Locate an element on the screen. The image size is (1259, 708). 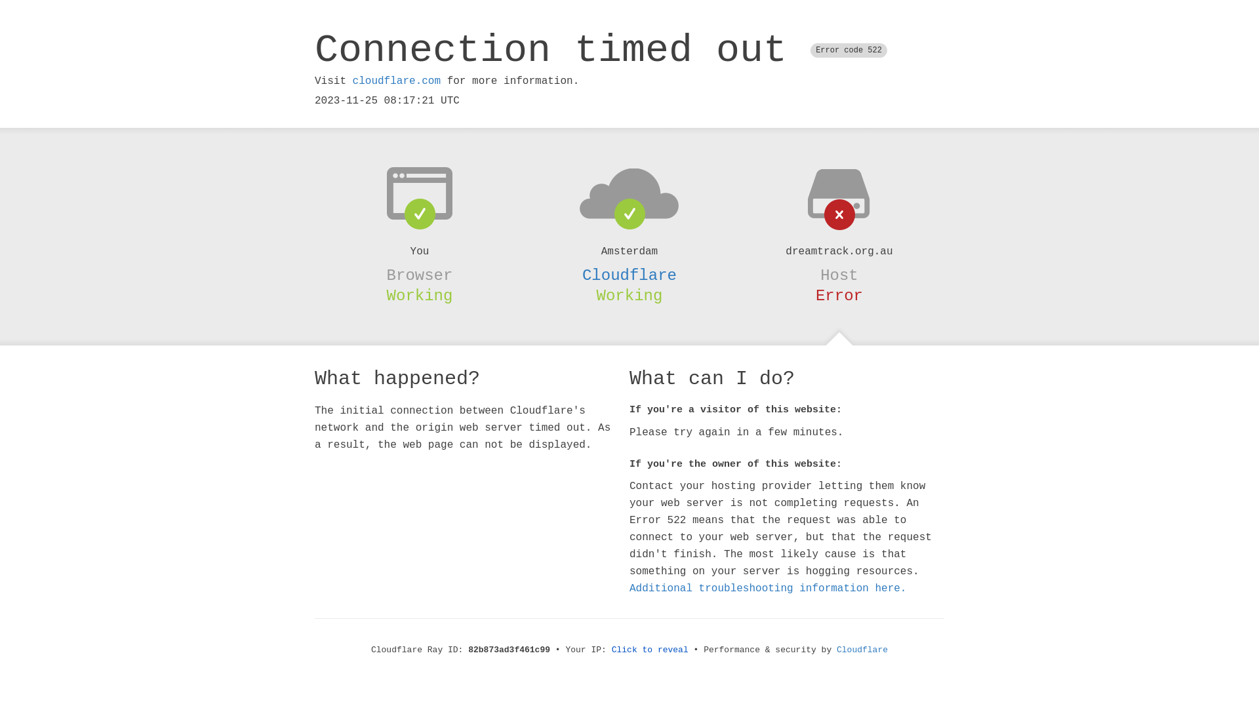
'cloudflare.com' is located at coordinates (395, 81).